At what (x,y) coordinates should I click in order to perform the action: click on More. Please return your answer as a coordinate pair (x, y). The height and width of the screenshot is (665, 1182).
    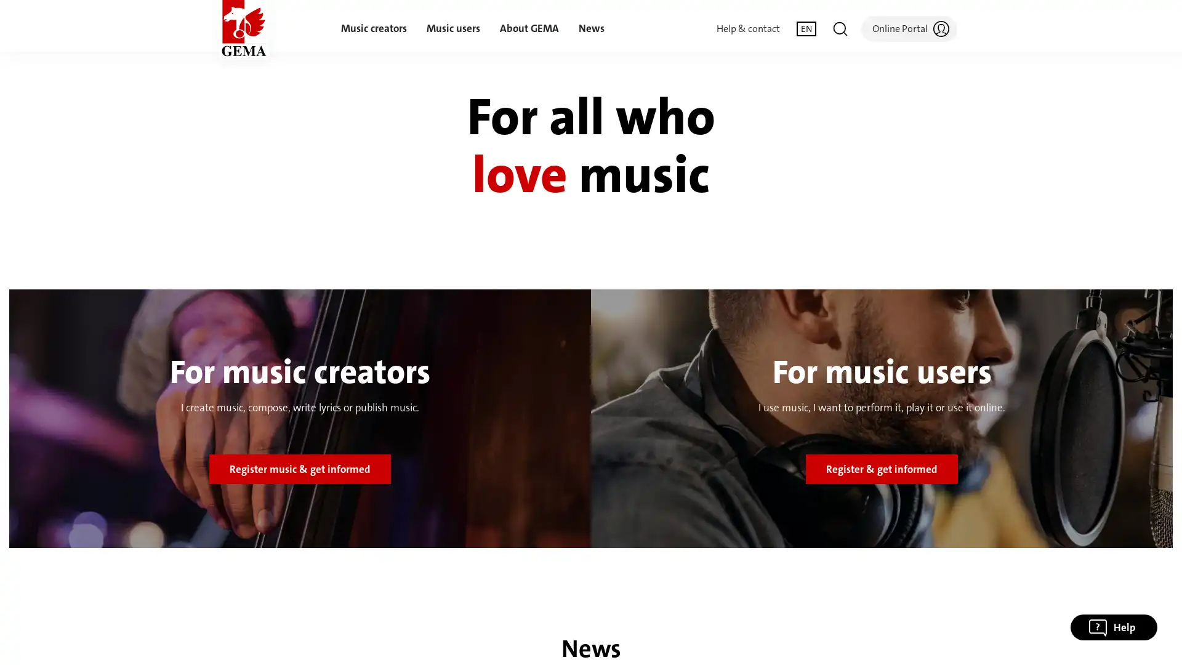
    Looking at the image, I should click on (852, 587).